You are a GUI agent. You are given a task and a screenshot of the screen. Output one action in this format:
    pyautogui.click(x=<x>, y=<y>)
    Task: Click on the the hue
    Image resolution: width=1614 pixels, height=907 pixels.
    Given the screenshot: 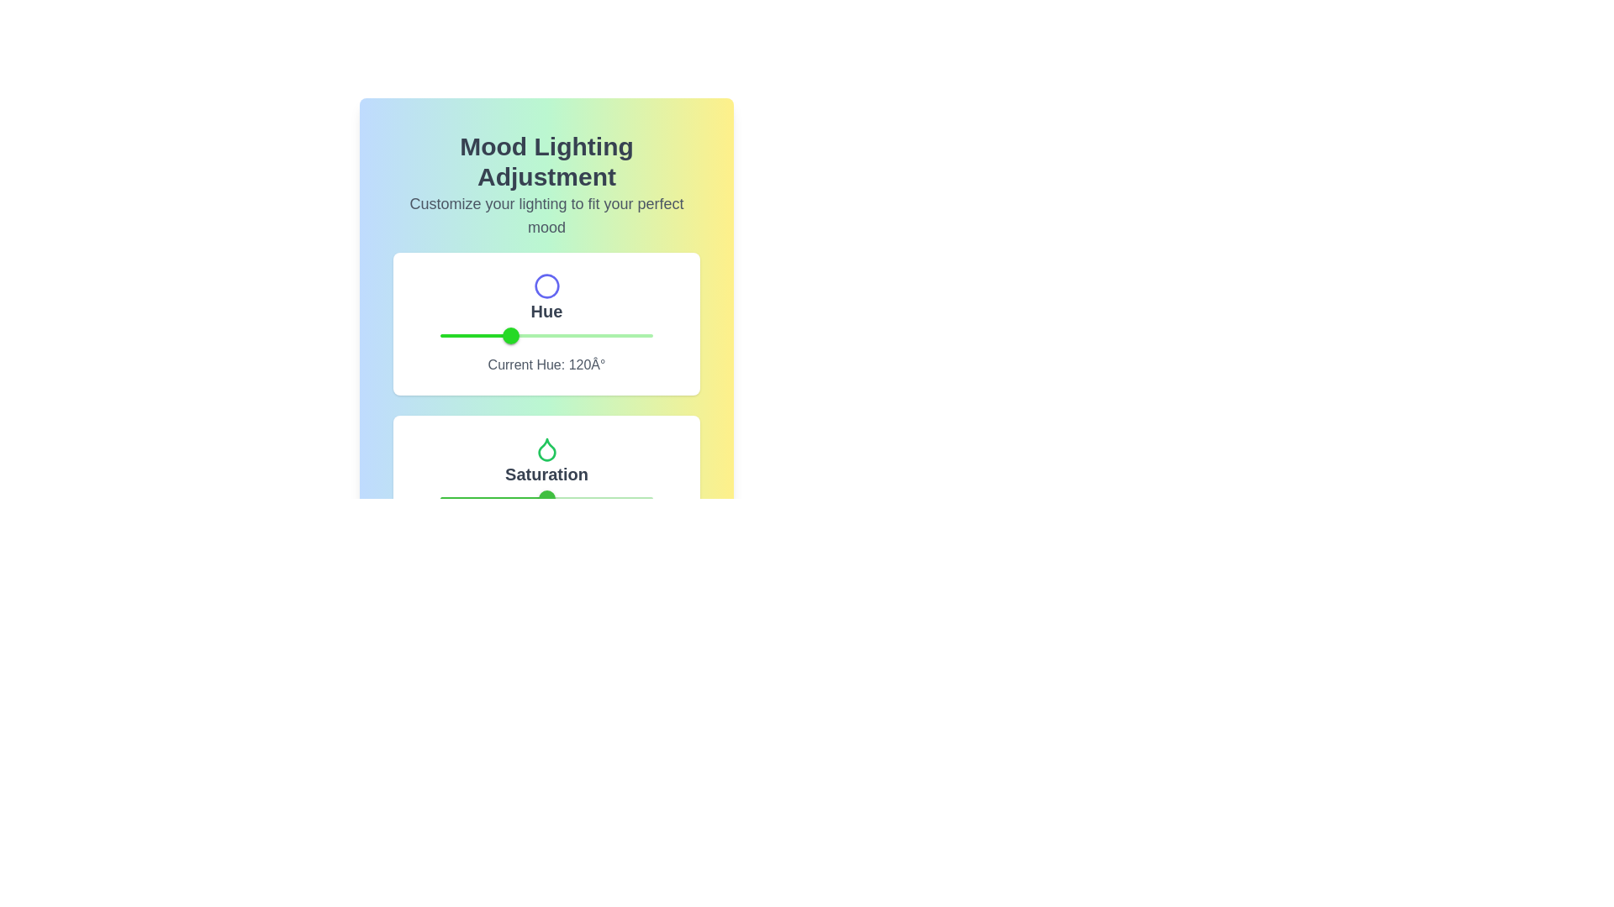 What is the action you would take?
    pyautogui.click(x=646, y=336)
    